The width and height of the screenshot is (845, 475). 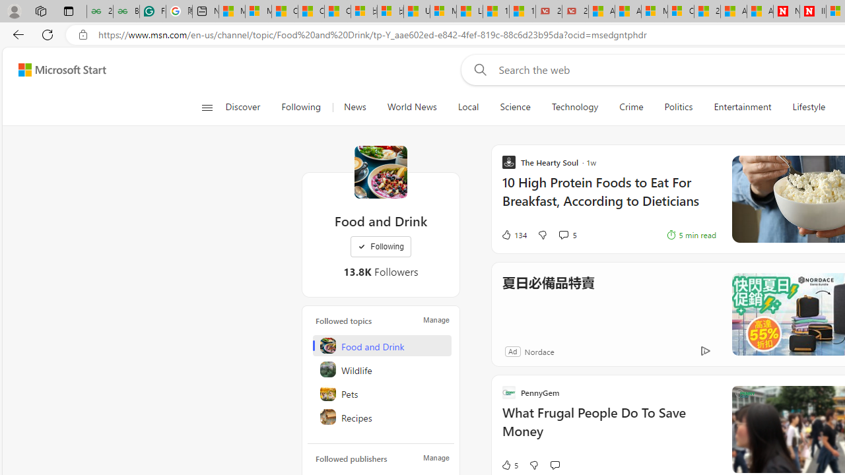 I want to click on 'Workspaces', so click(x=40, y=11).